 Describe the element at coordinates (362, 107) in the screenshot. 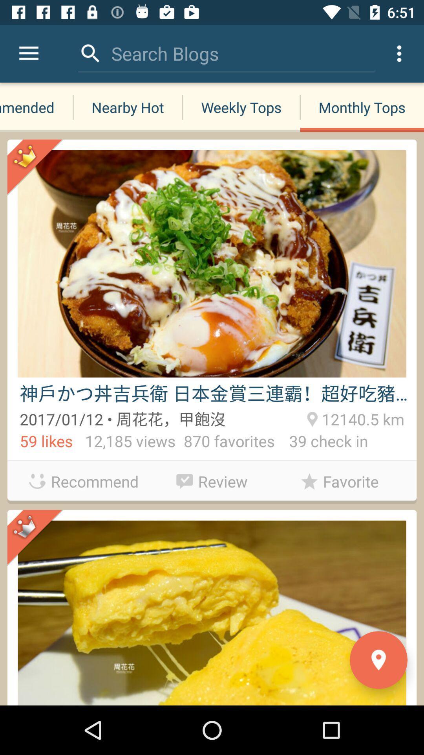

I see `icon next to the weekly tops` at that location.